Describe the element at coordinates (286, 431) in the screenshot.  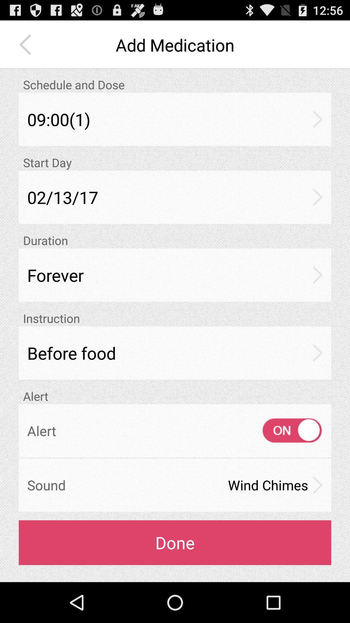
I see `app above the wind chimes` at that location.